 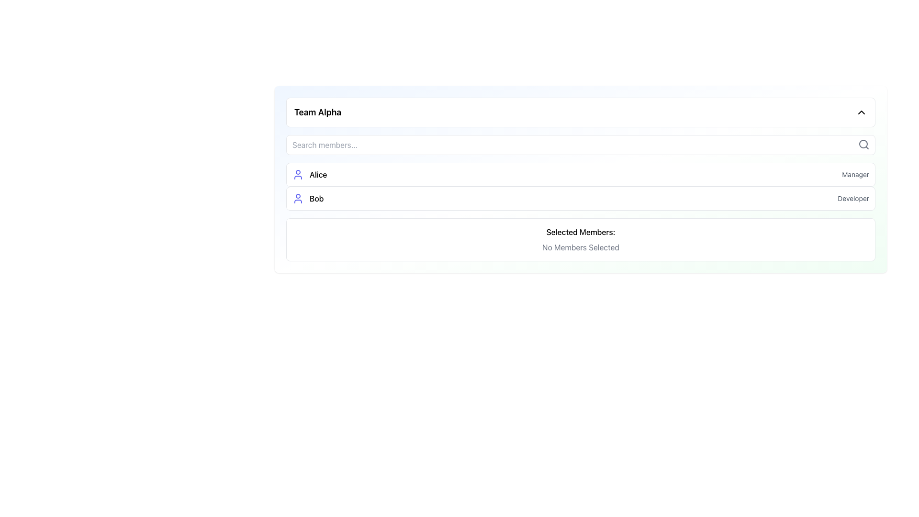 What do you see at coordinates (863, 144) in the screenshot?
I see `the search icon located at the far-right end of the 'Search members...' input field` at bounding box center [863, 144].